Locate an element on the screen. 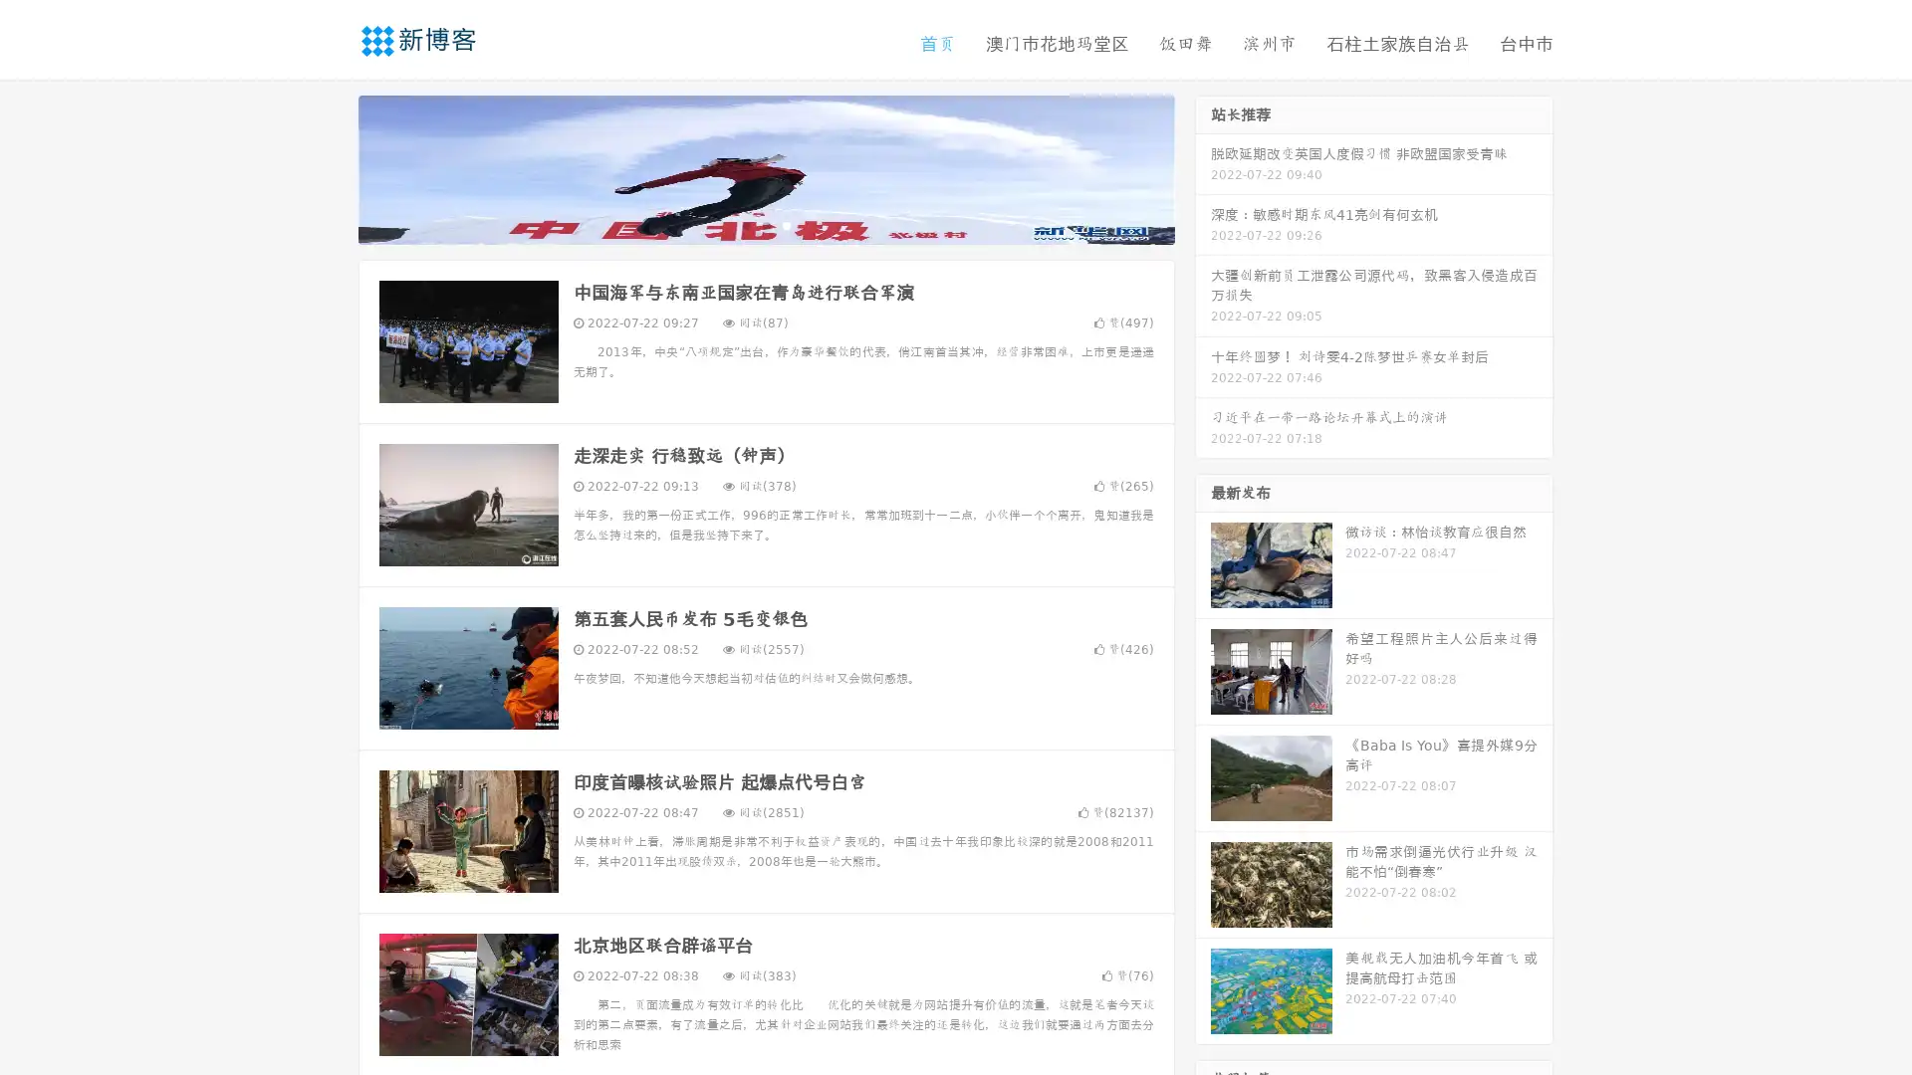 The height and width of the screenshot is (1075, 1912). Previous slide is located at coordinates (329, 167).